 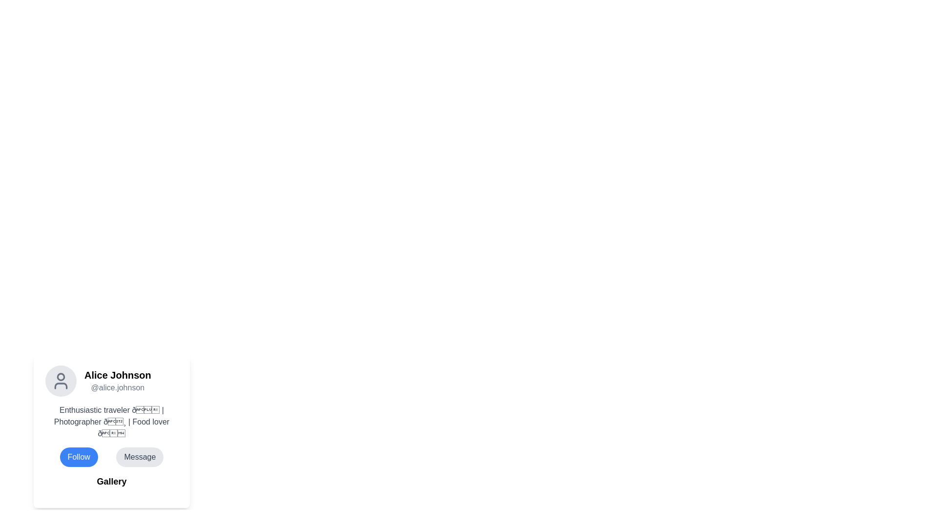 What do you see at coordinates (60, 380) in the screenshot?
I see `the user profile icon located at the top of the card component with a gray background and rounded edges, which visually represents the user identity` at bounding box center [60, 380].